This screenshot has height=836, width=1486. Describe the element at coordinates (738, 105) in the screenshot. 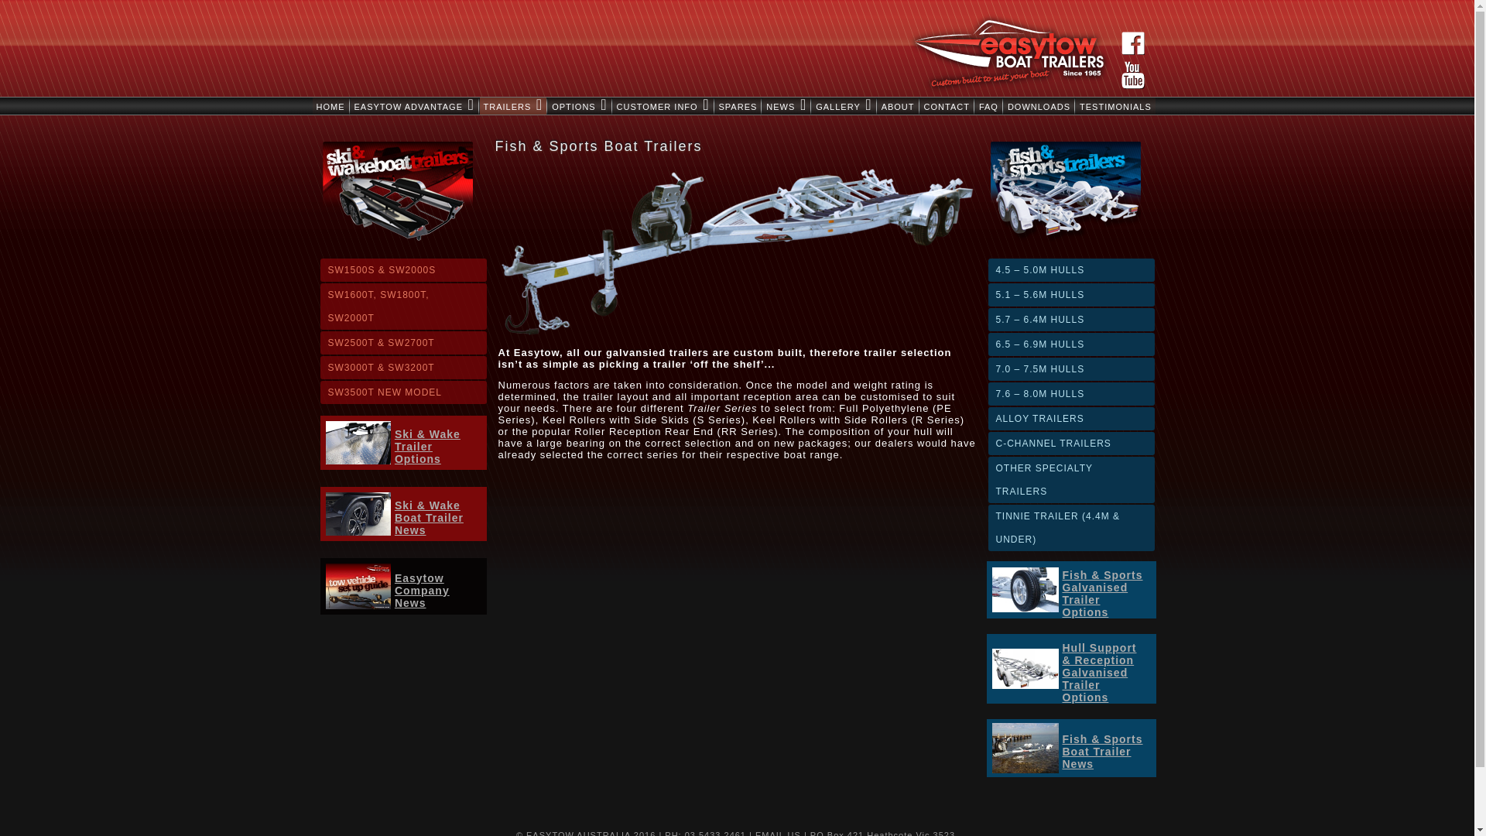

I see `'SPARES'` at that location.